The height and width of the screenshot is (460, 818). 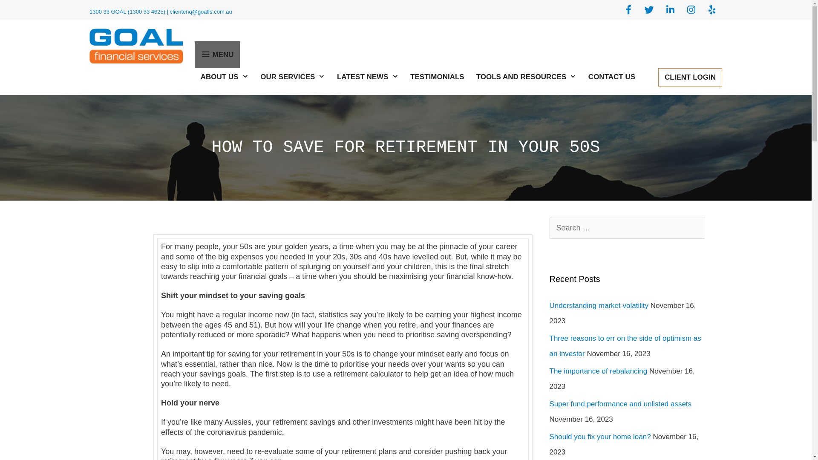 What do you see at coordinates (194, 77) in the screenshot?
I see `'ABOUT US'` at bounding box center [194, 77].